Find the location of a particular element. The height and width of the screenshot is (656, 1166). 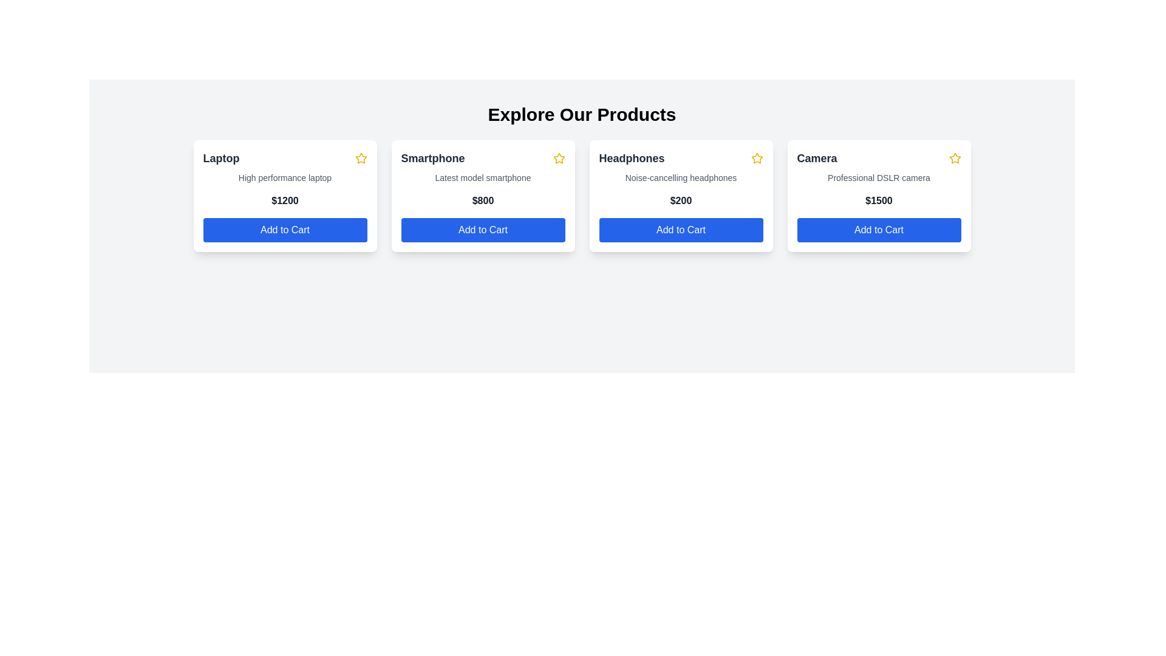

the bold text label displaying the price "$1200" in black on a white background, which is part of the product card for a laptop is located at coordinates (284, 200).